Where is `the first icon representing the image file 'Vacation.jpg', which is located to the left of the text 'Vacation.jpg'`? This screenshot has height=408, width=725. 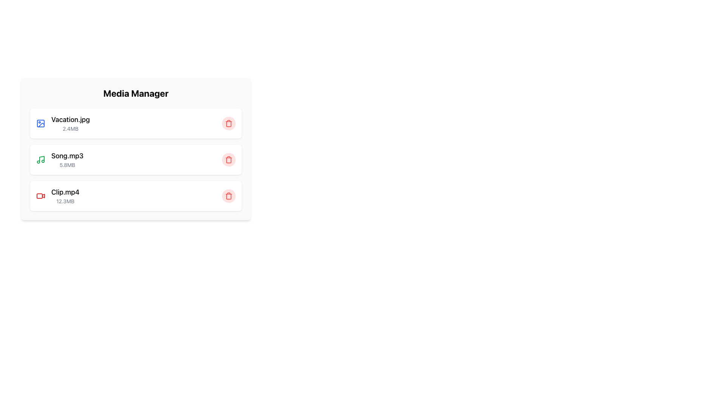 the first icon representing the image file 'Vacation.jpg', which is located to the left of the text 'Vacation.jpg' is located at coordinates (40, 123).